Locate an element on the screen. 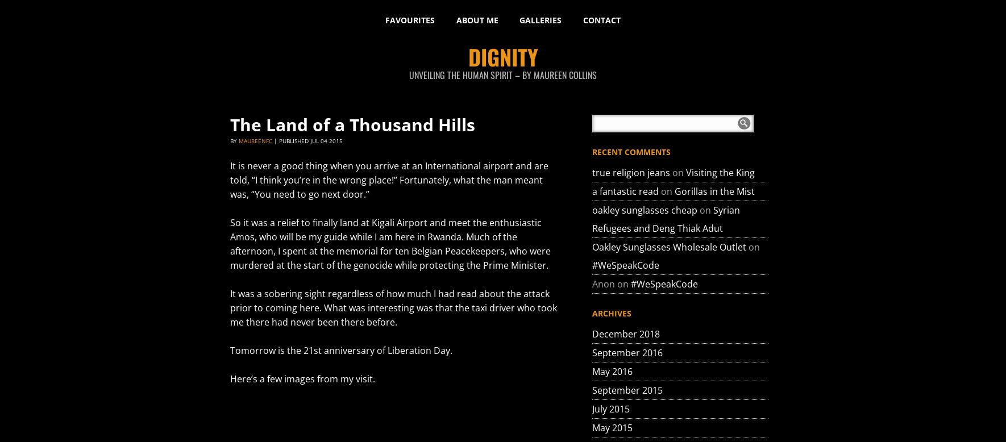 The width and height of the screenshot is (1006, 442). 'Tomorrow is the 21st anniversary of Liberation Day.' is located at coordinates (340, 350).